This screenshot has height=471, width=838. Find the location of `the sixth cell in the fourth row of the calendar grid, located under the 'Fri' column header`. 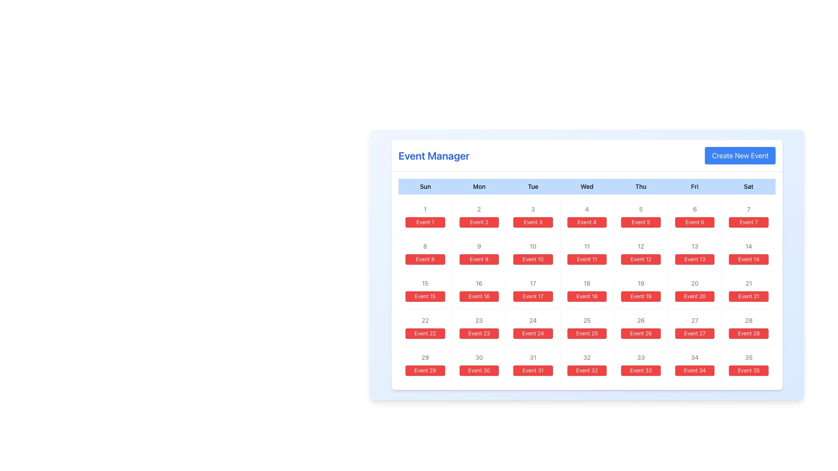

the sixth cell in the fourth row of the calendar grid, located under the 'Fri' column header is located at coordinates (694, 290).